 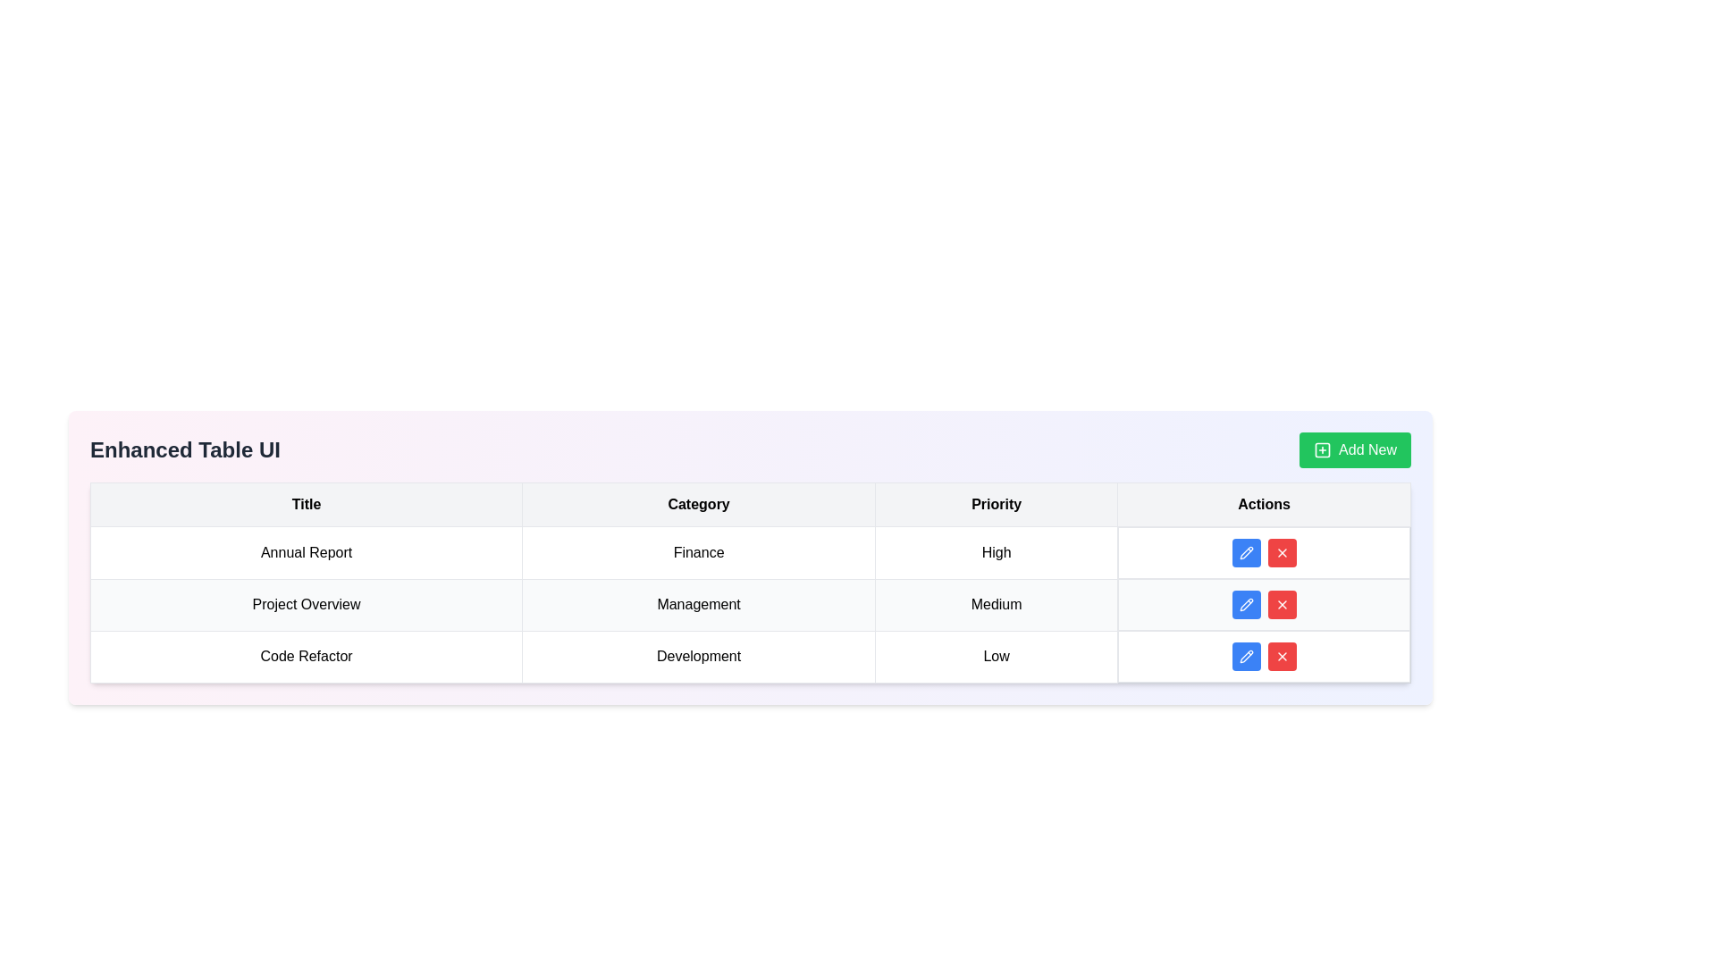 I want to click on the title label of the record in the first cell of the first data row under the 'Title' column in the table, so click(x=307, y=551).